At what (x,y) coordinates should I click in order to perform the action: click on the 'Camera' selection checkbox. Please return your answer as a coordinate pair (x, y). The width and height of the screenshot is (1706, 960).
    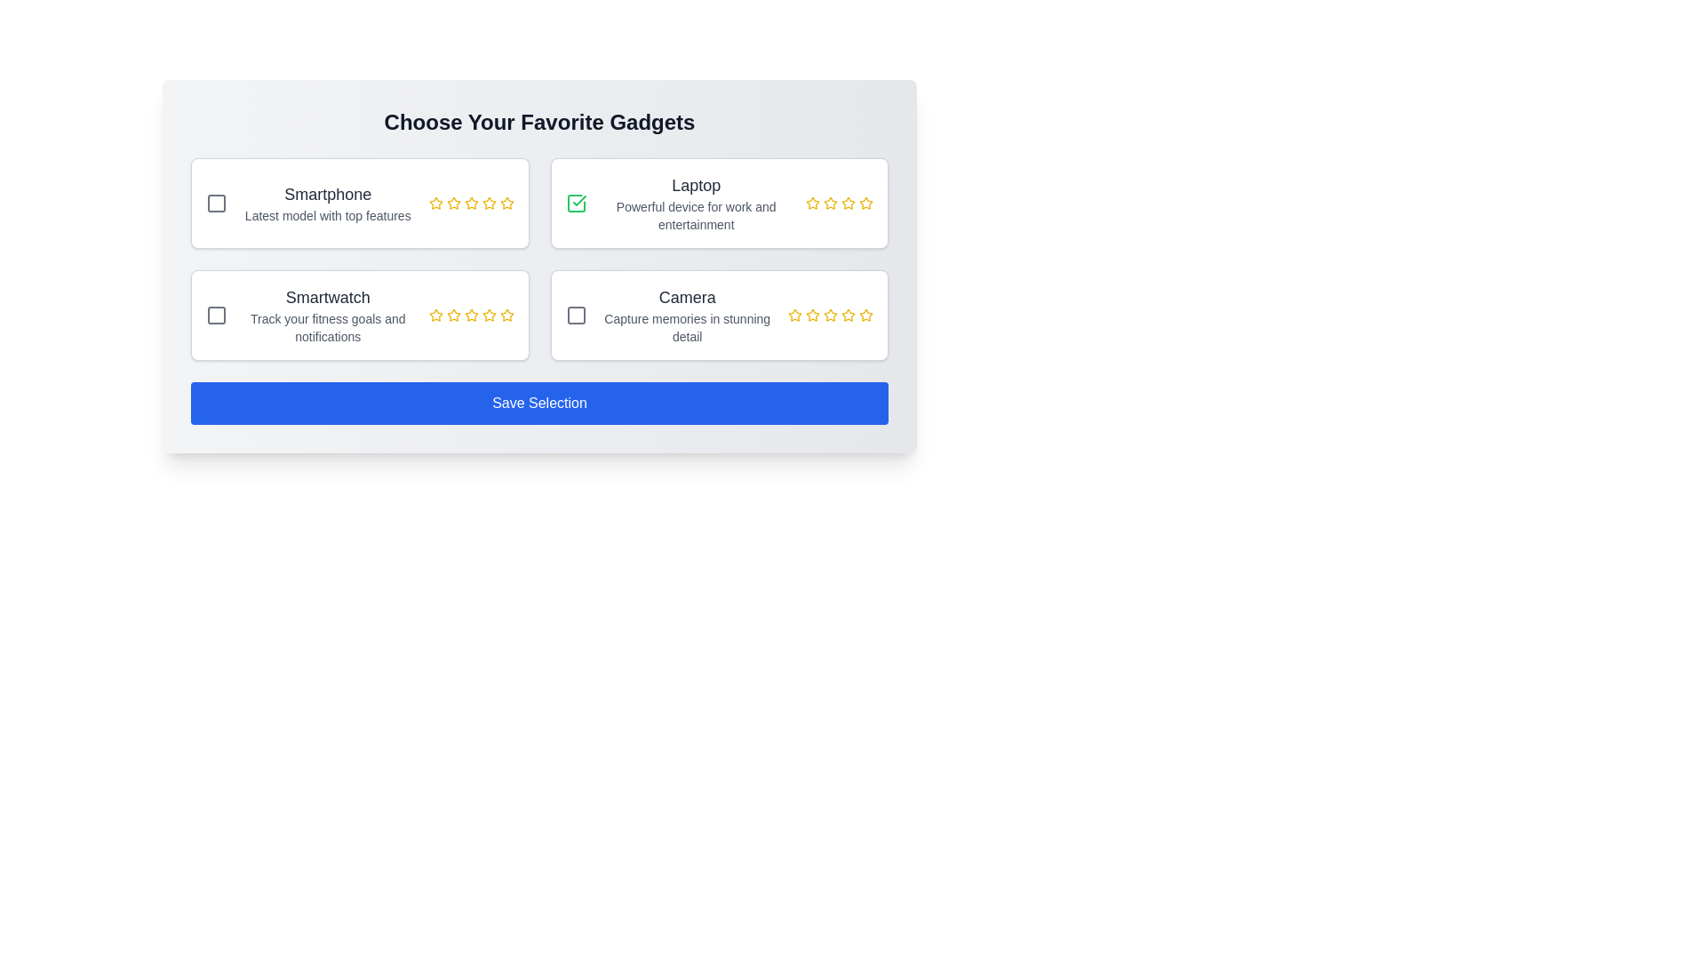
    Looking at the image, I should click on (576, 314).